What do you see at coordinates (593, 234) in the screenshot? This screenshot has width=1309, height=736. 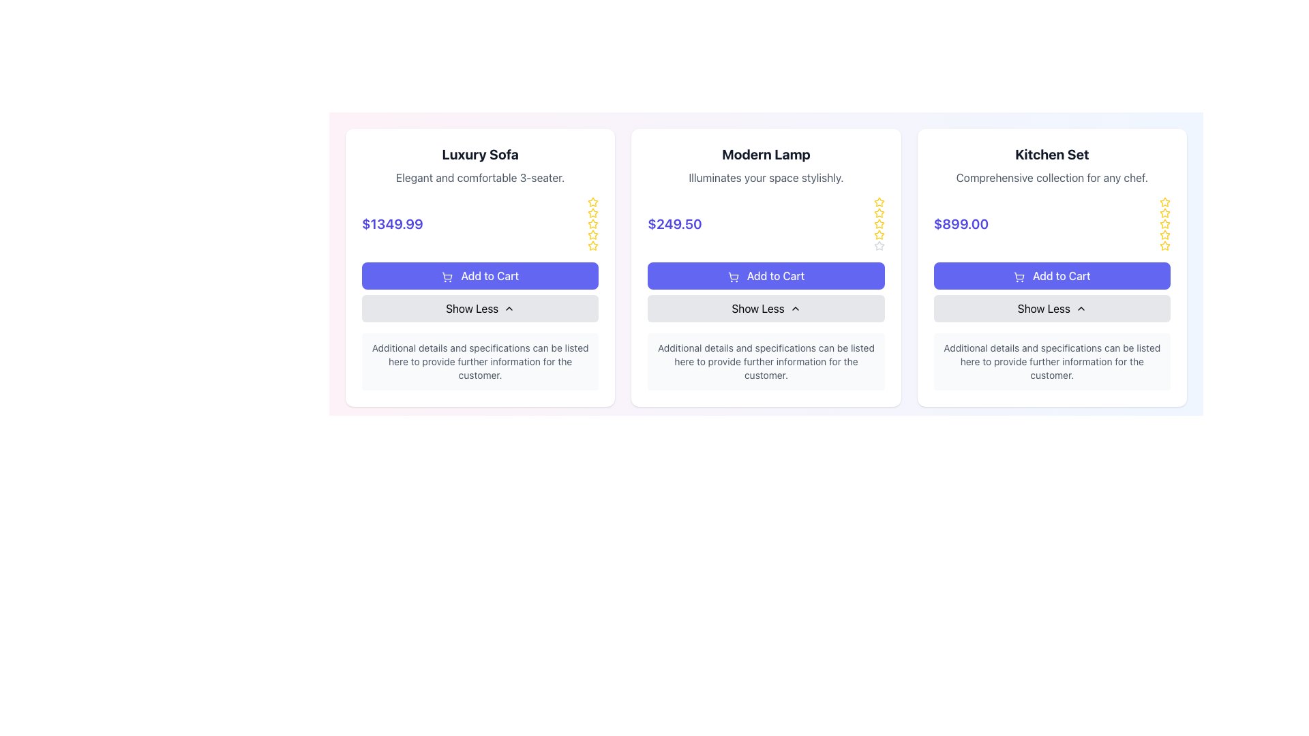 I see `the fourth star-shaped icon in the vertical column of stars` at bounding box center [593, 234].